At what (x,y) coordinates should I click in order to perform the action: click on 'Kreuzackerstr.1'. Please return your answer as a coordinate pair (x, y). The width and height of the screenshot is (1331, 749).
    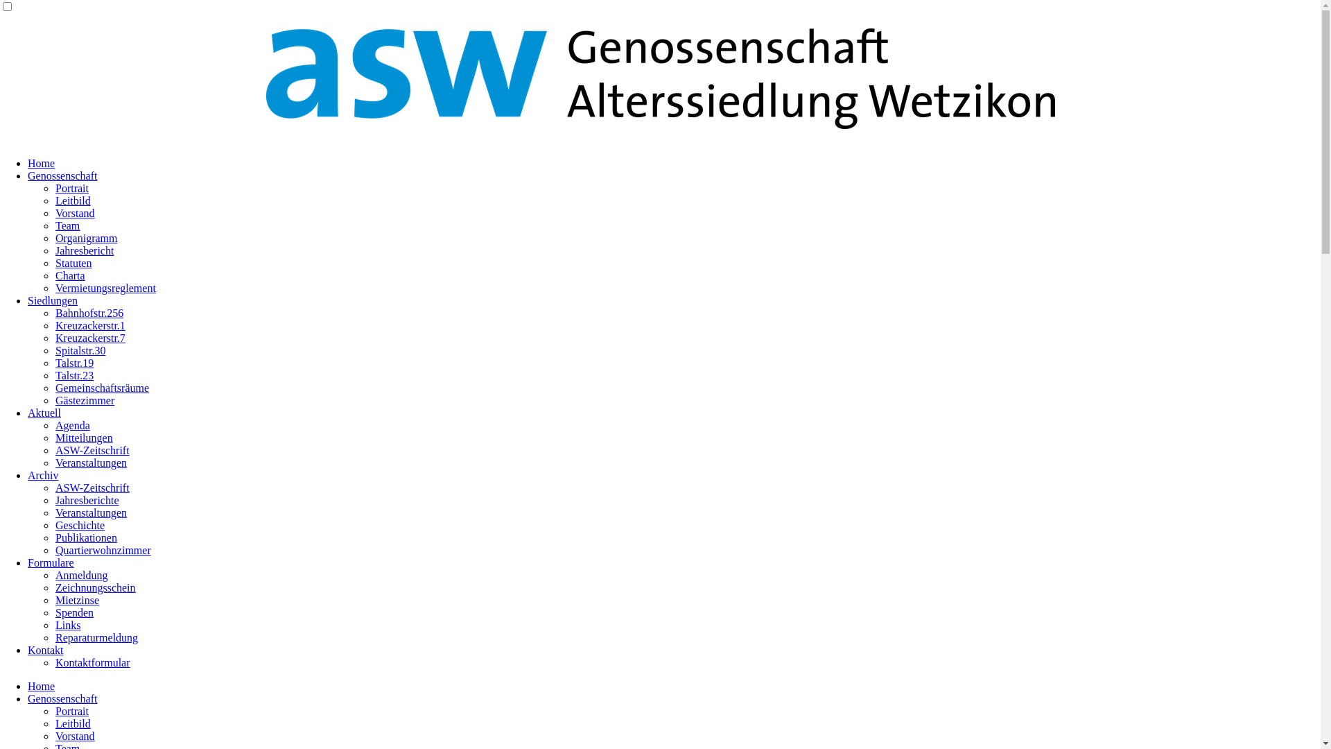
    Looking at the image, I should click on (89, 325).